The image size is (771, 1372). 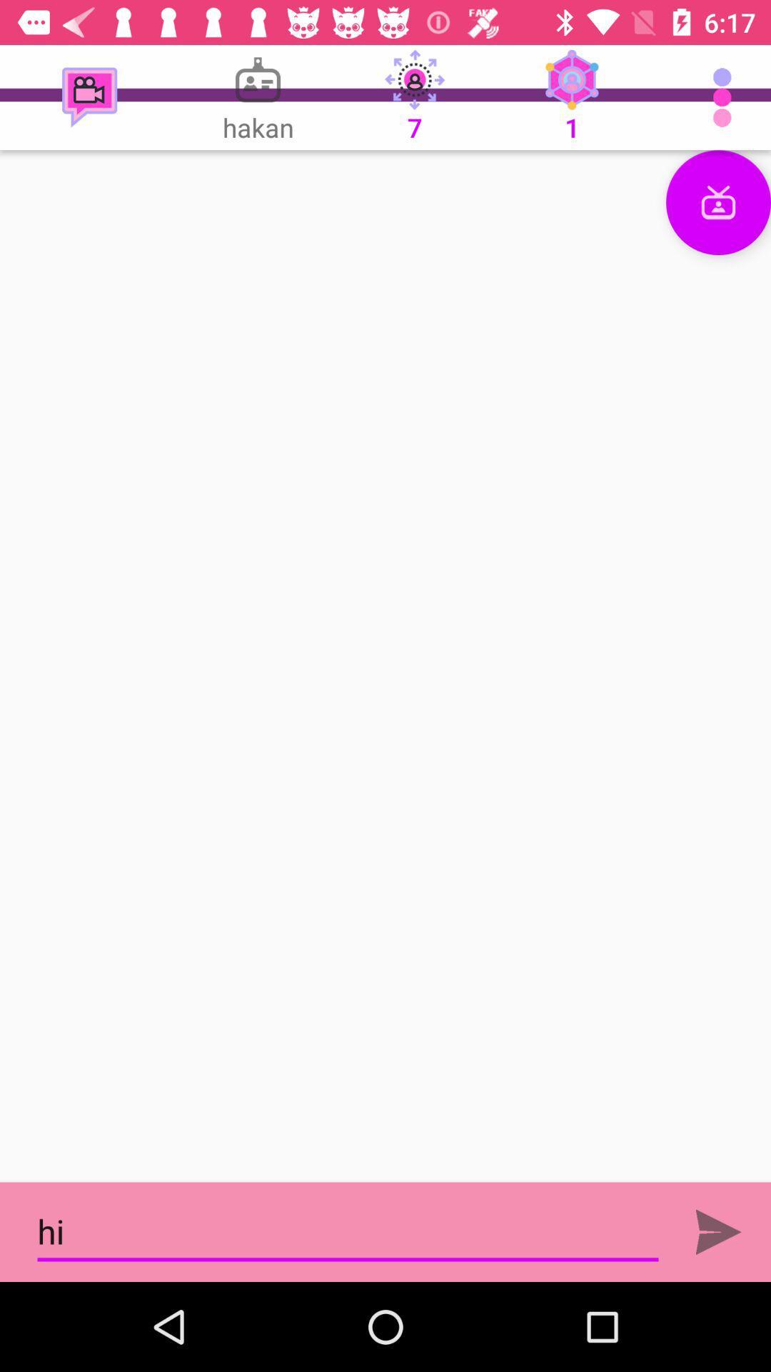 I want to click on communication icon, so click(x=718, y=202).